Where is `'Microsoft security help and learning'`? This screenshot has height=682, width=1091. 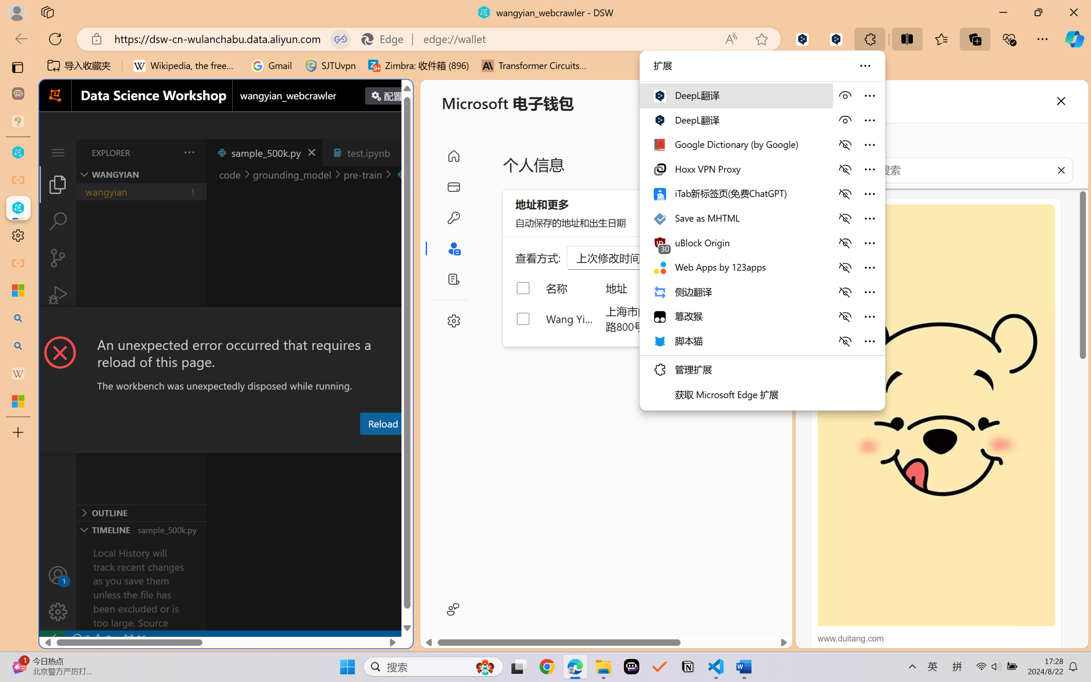
'Microsoft security help and learning' is located at coordinates (18, 290).